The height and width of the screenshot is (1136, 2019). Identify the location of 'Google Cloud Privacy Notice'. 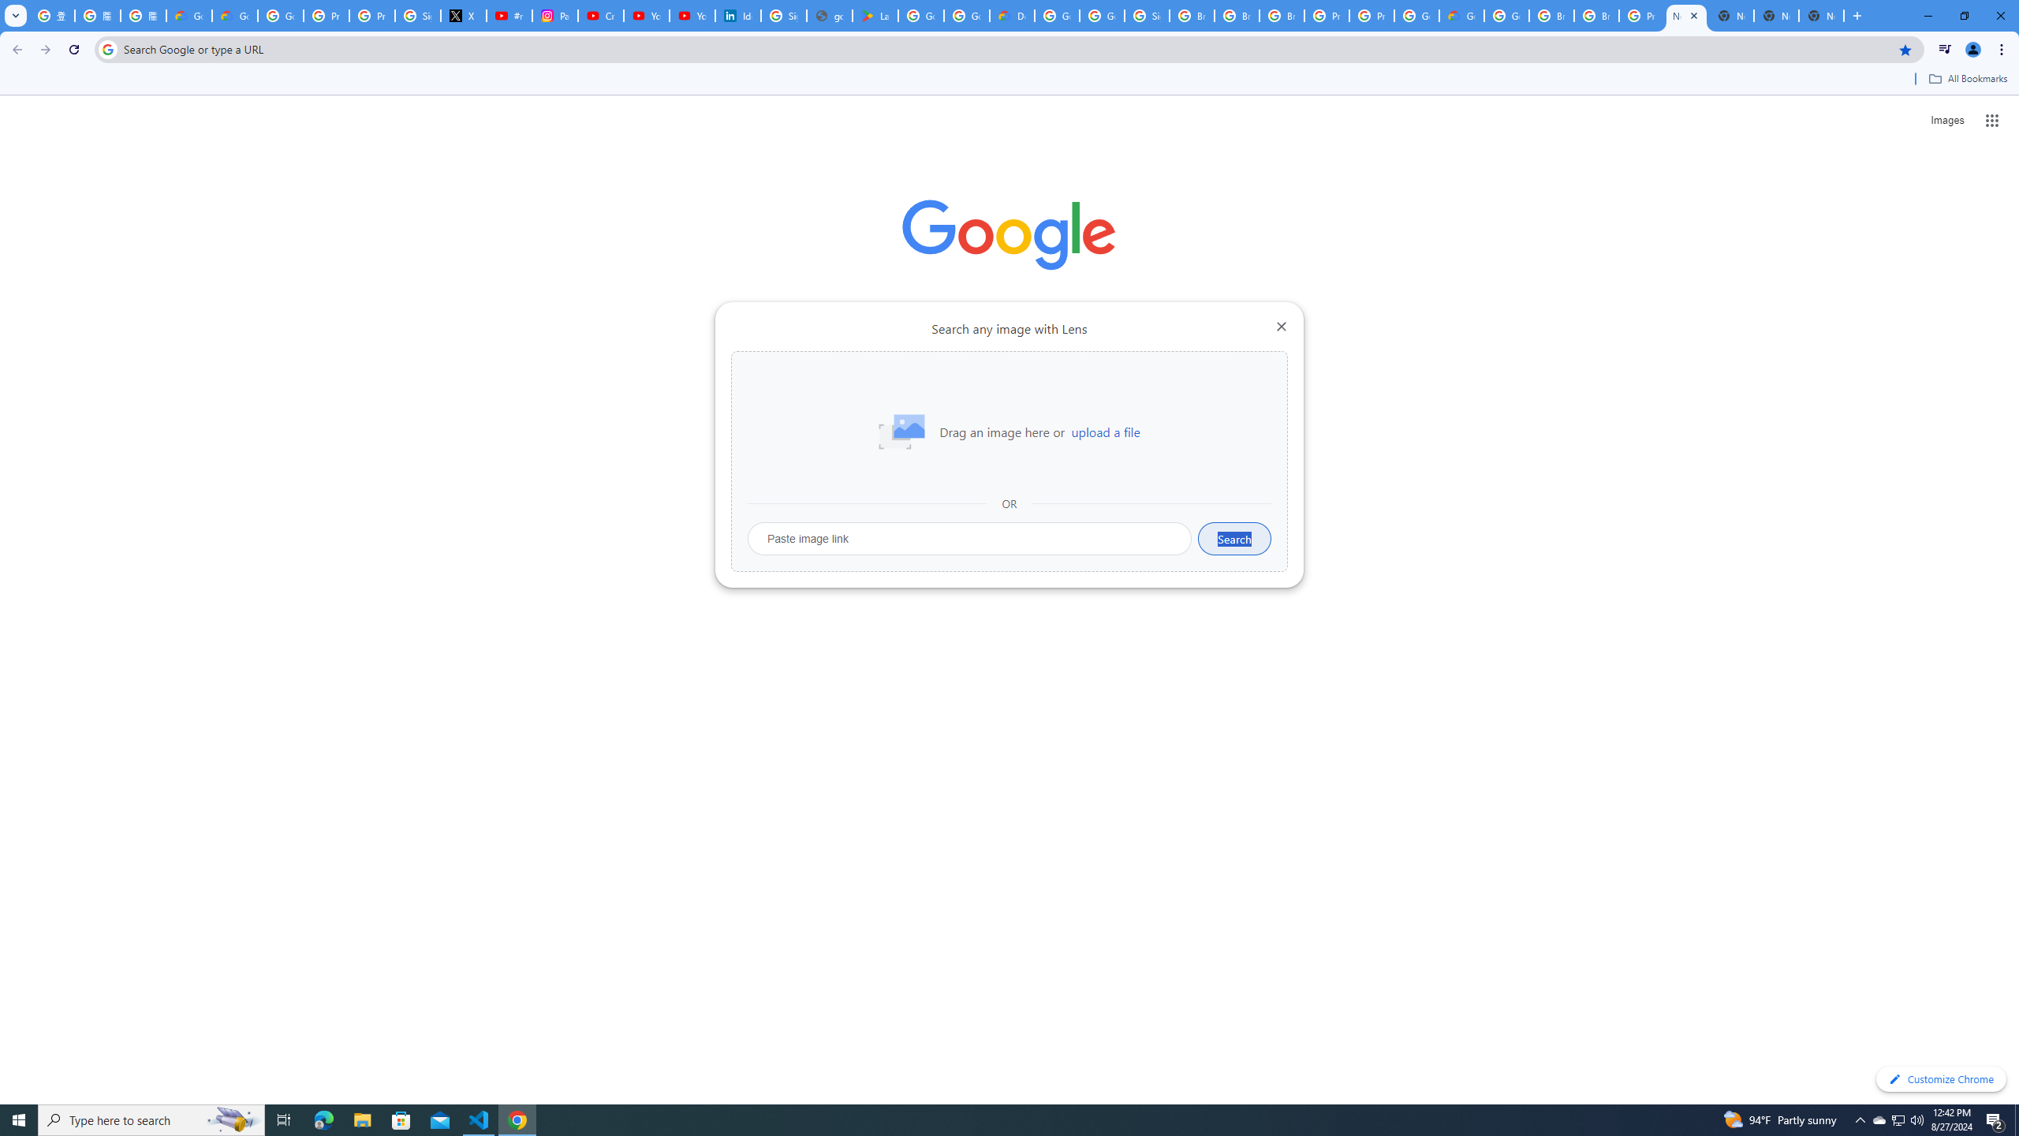
(189, 15).